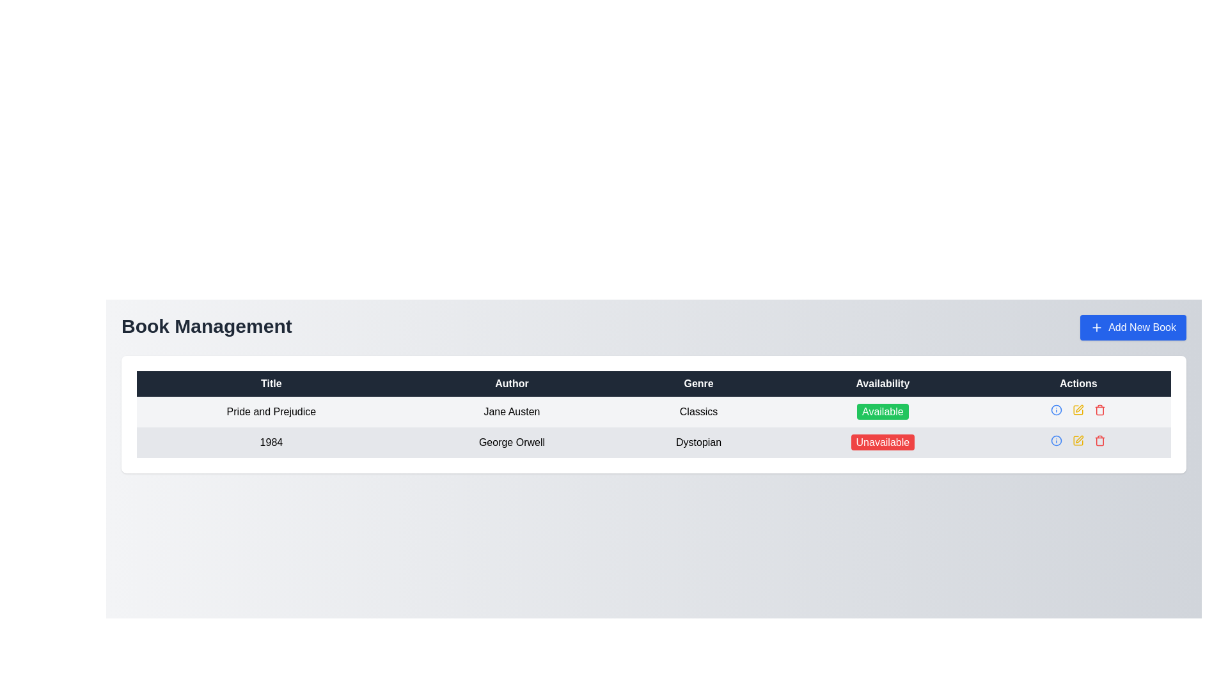 The width and height of the screenshot is (1228, 690). Describe the element at coordinates (882, 411) in the screenshot. I see `the availability status label for the book 'Pride and Prejudice', which indicates that the book is currently available` at that location.